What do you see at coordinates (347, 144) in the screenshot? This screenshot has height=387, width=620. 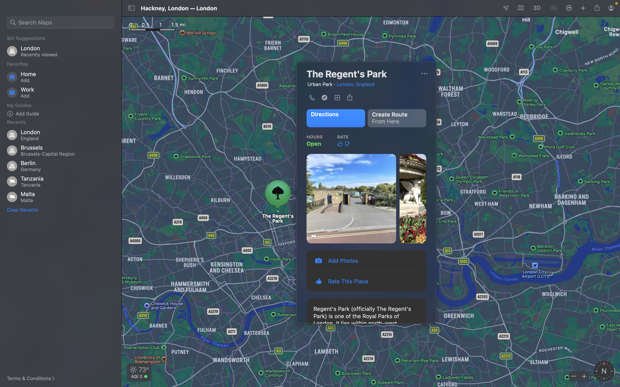 I see `Dislike the place by clicking on the thumbs down button` at bounding box center [347, 144].